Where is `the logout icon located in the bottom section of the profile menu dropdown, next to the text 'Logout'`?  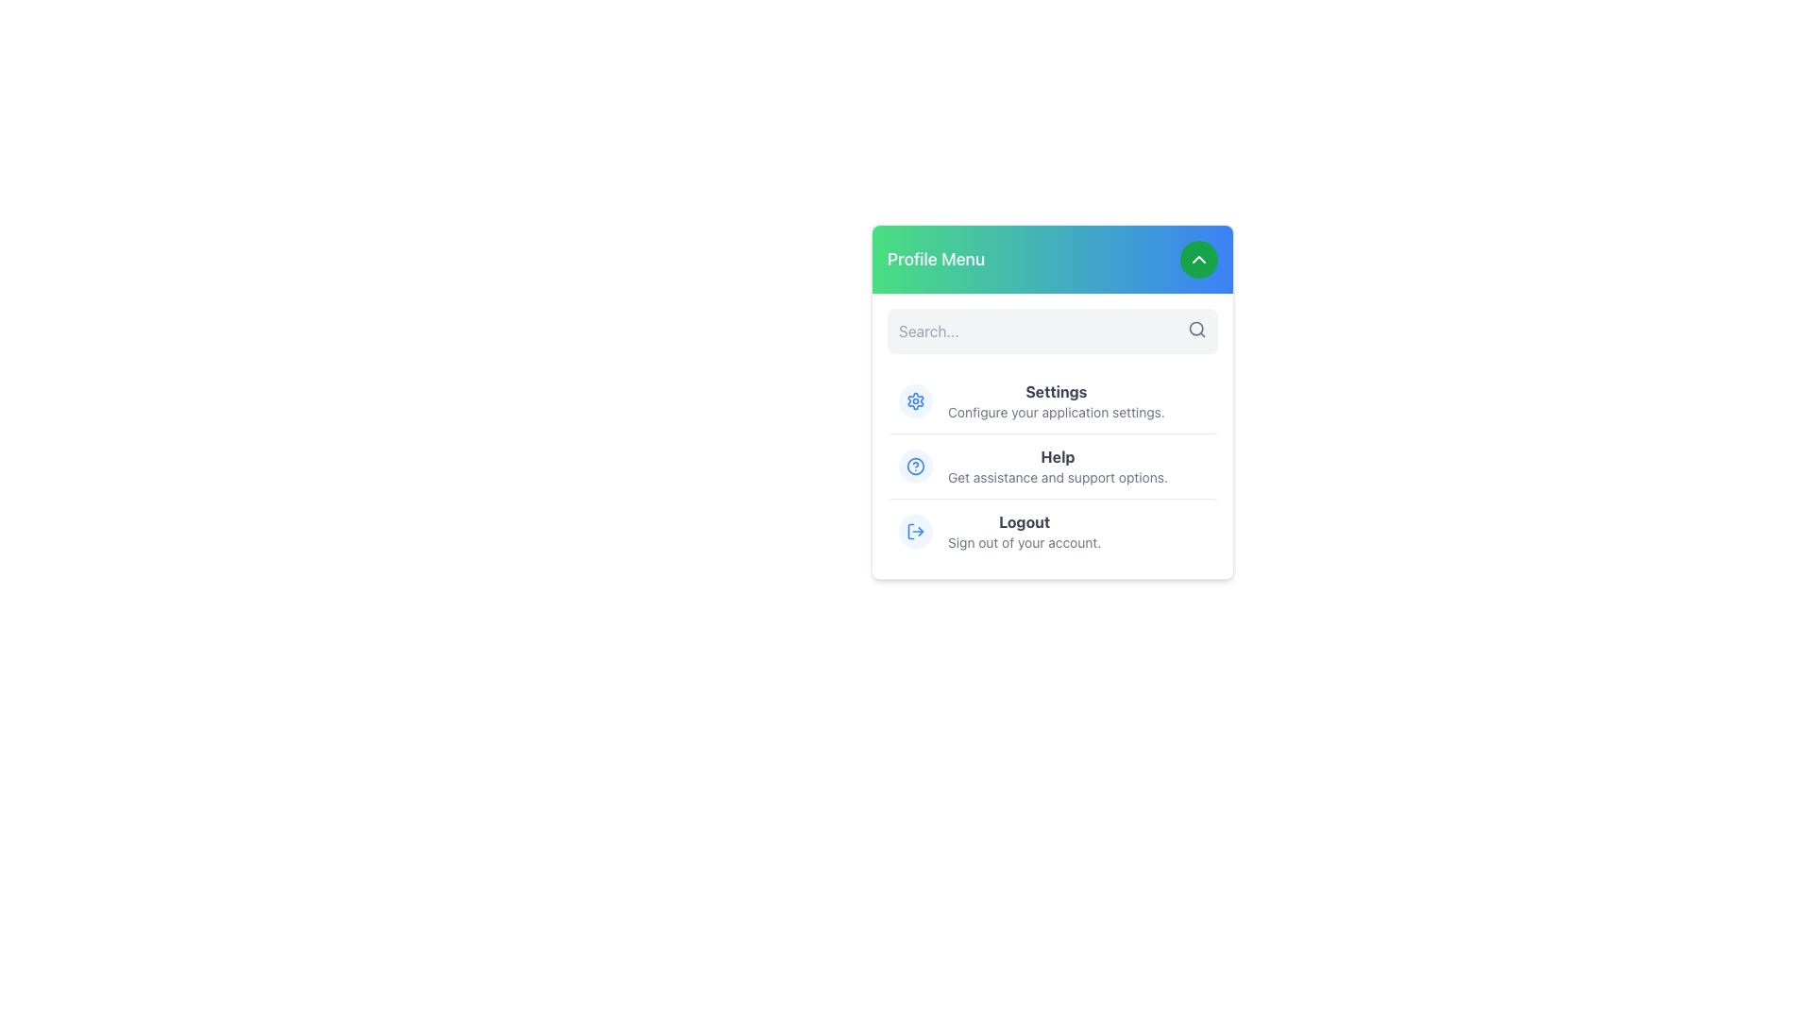
the logout icon located in the bottom section of the profile menu dropdown, next to the text 'Logout' is located at coordinates (915, 532).